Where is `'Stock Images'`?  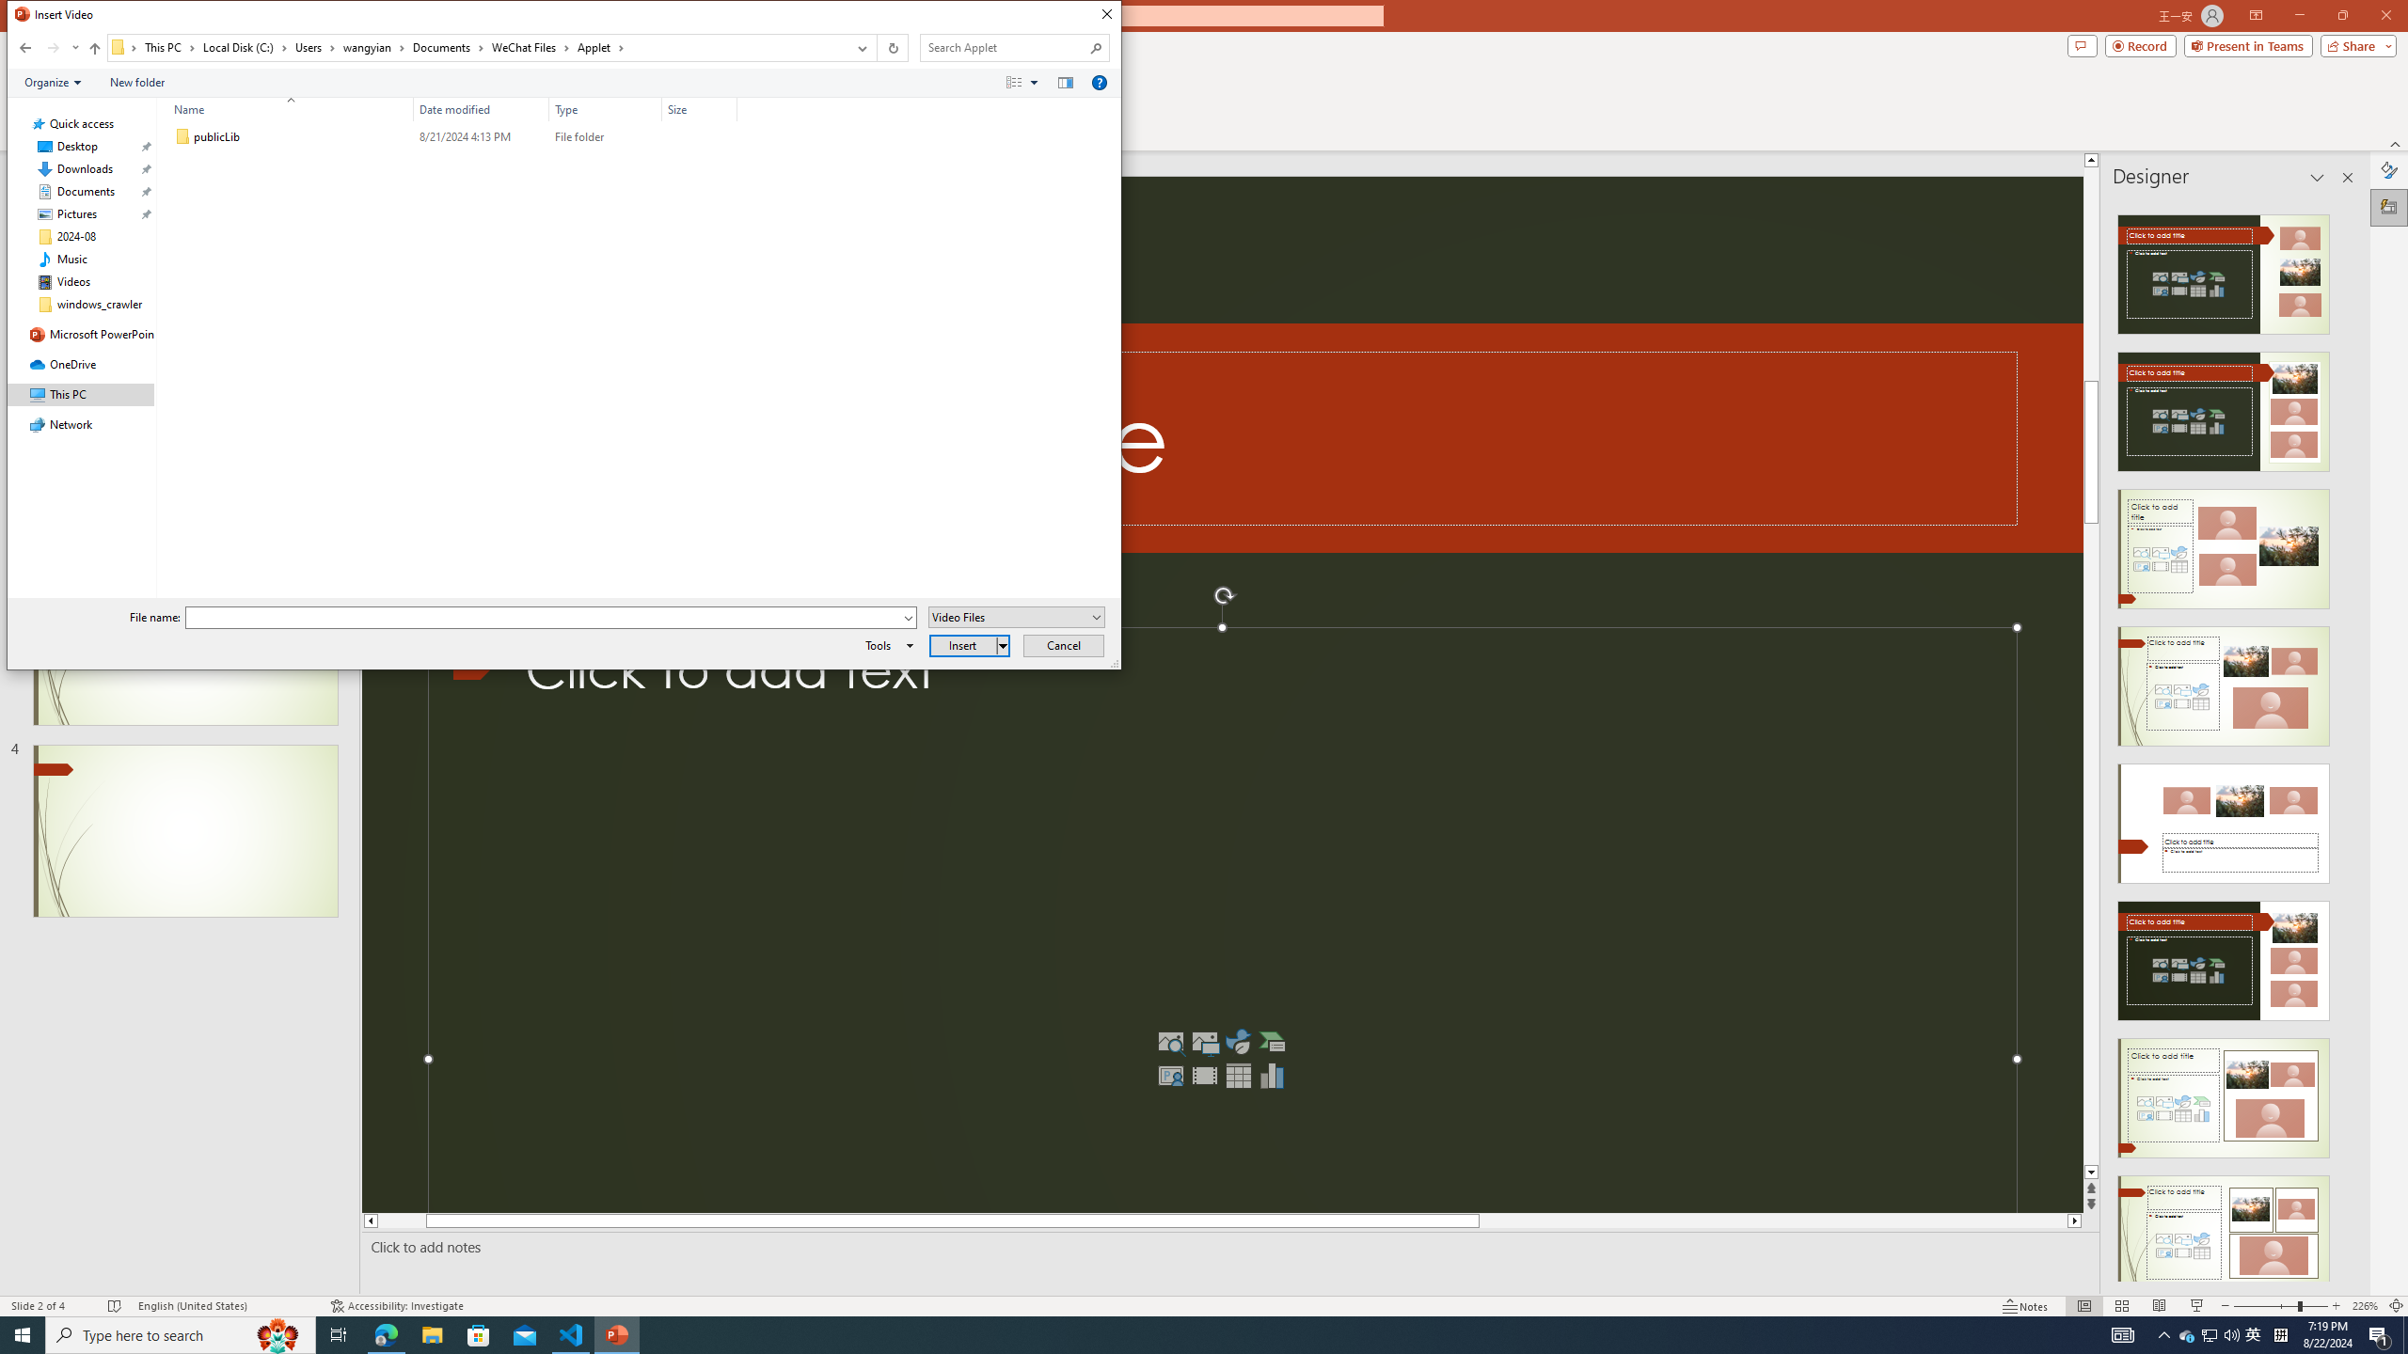 'Stock Images' is located at coordinates (1170, 1041).